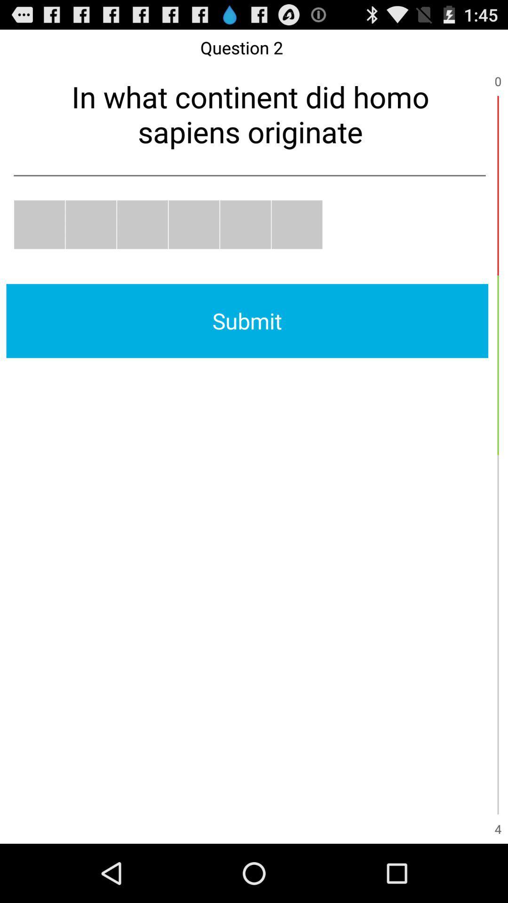  Describe the element at coordinates (91, 224) in the screenshot. I see `input letter` at that location.